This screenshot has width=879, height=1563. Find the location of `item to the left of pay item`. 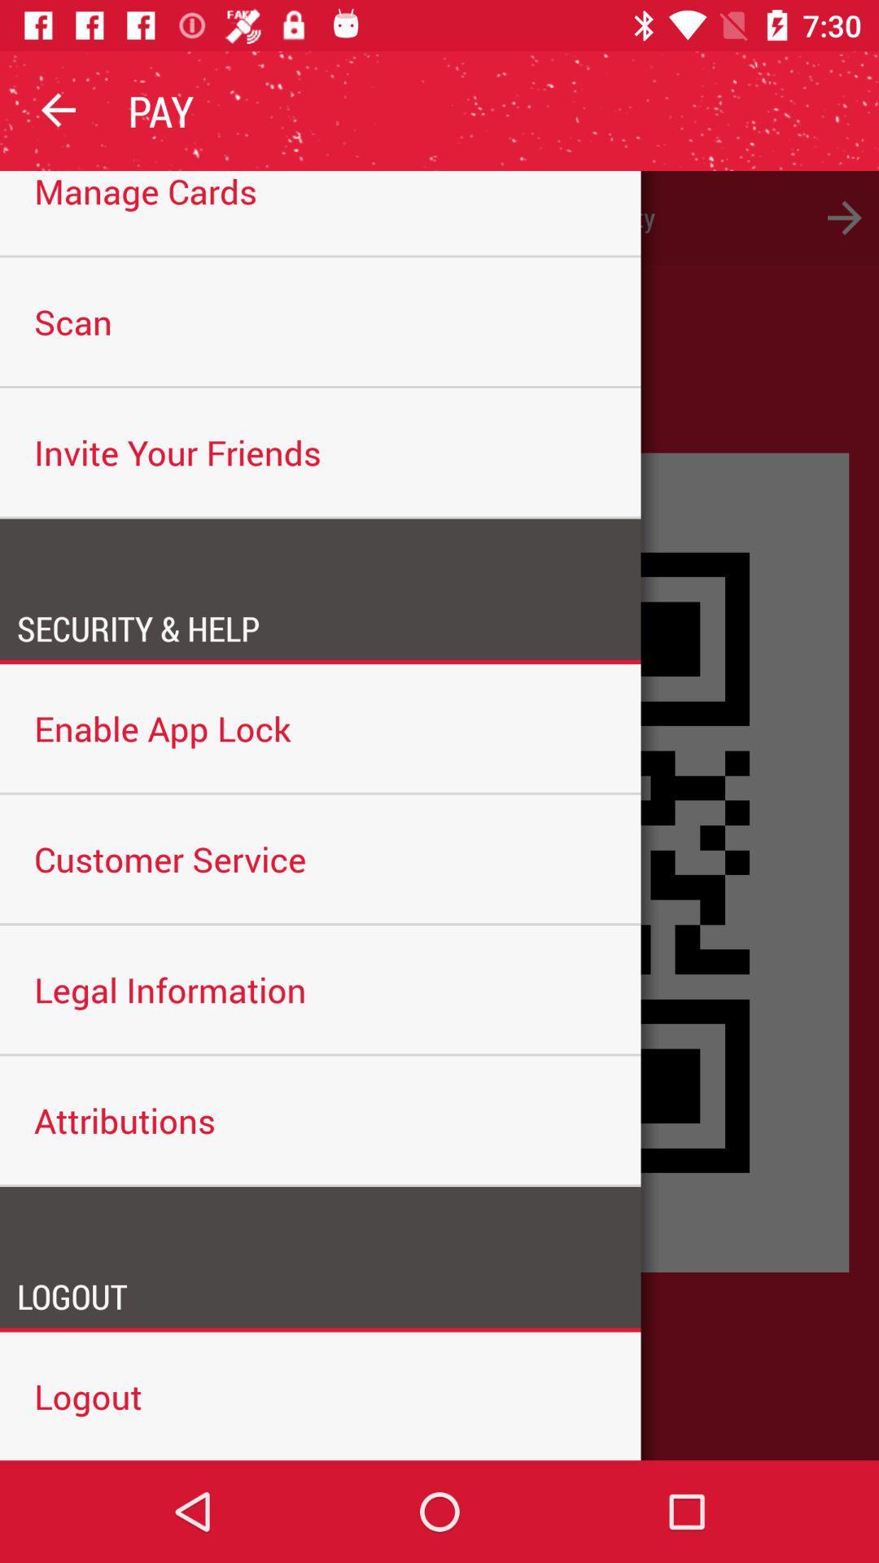

item to the left of pay item is located at coordinates (59, 110).